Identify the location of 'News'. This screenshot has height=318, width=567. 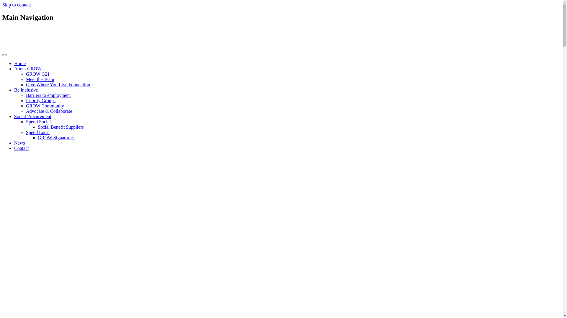
(19, 143).